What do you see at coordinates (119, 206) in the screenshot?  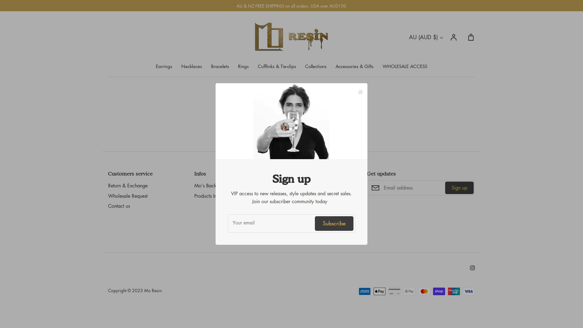 I see `'Contact us'` at bounding box center [119, 206].